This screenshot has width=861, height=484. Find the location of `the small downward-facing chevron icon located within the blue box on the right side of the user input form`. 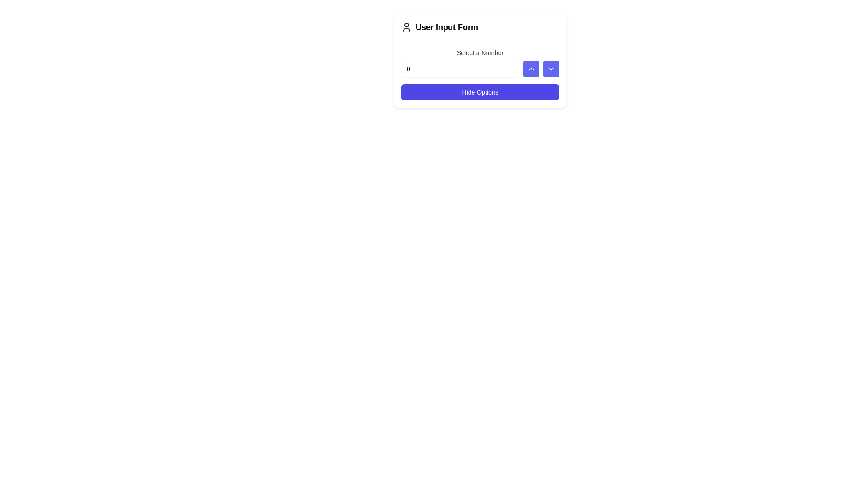

the small downward-facing chevron icon located within the blue box on the right side of the user input form is located at coordinates (550, 69).